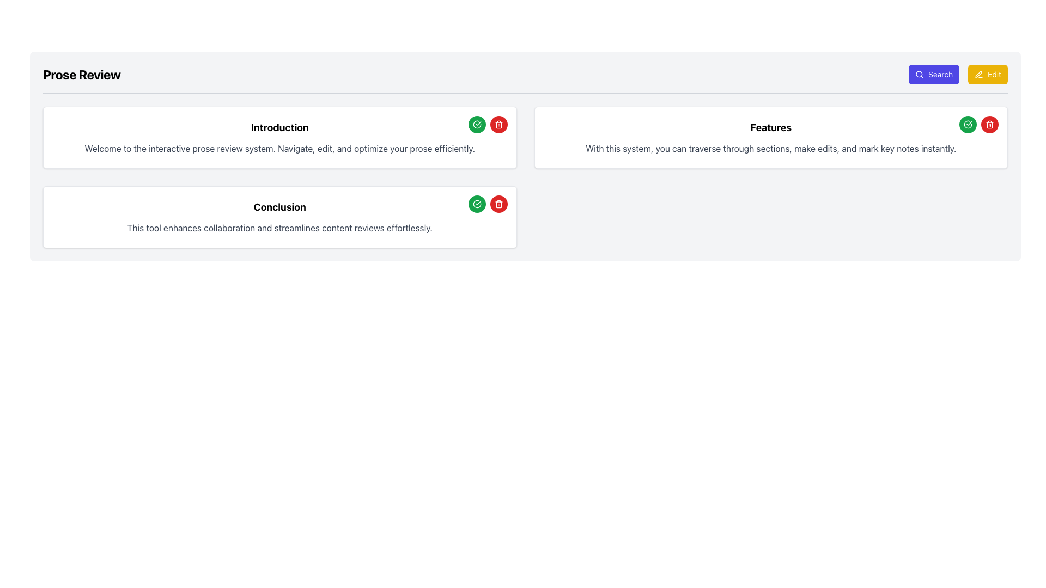  I want to click on the circular icon button featuring a green surface and a white checkmark symbol using keyboard navigation, so click(477, 124).